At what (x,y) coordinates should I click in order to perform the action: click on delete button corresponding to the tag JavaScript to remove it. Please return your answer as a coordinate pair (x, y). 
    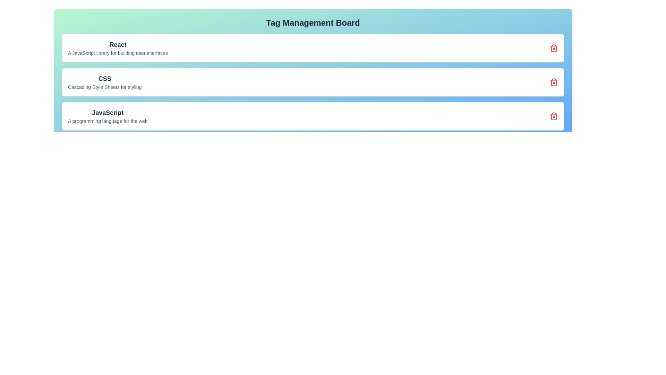
    Looking at the image, I should click on (554, 116).